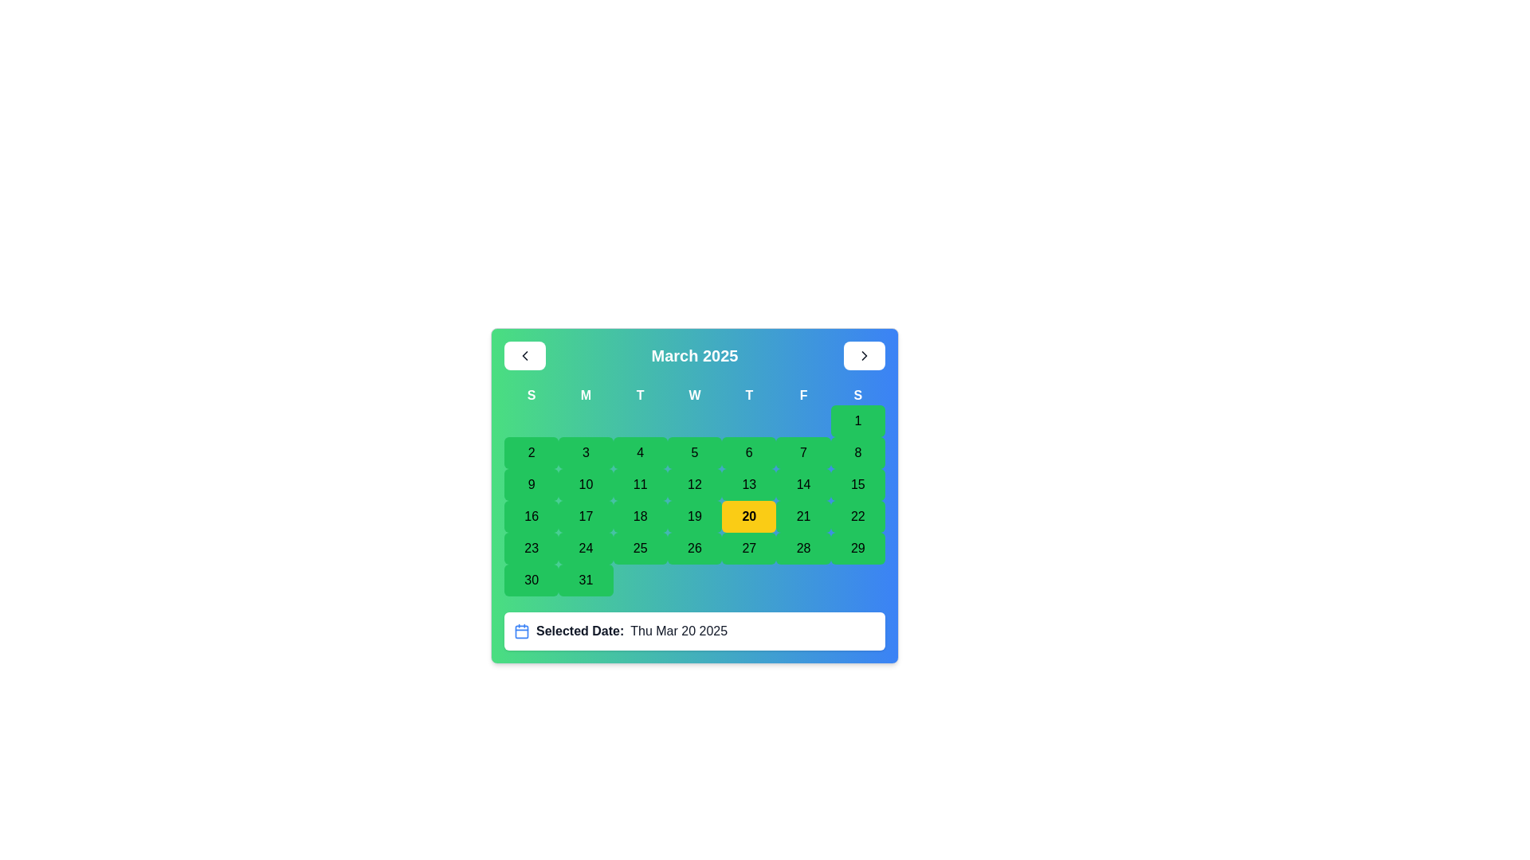 This screenshot has height=860, width=1530. What do you see at coordinates (857, 548) in the screenshot?
I see `the button representing the 29th day of March 2025 in the calendar view` at bounding box center [857, 548].